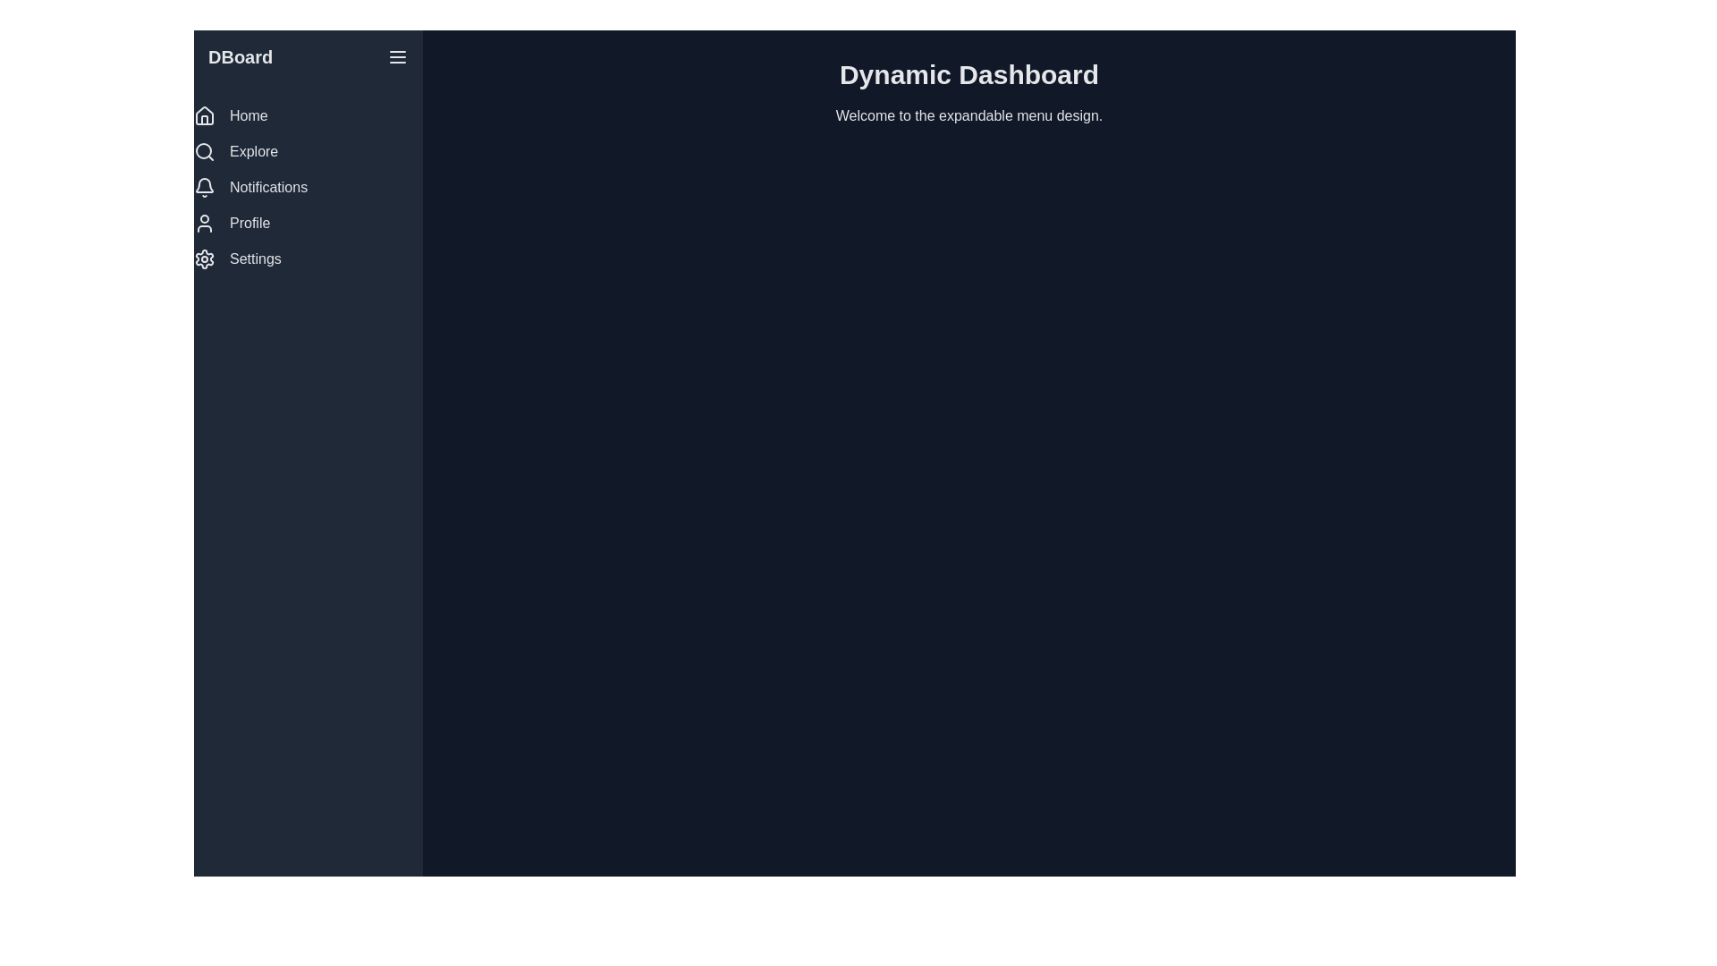 The height and width of the screenshot is (966, 1717). I want to click on the settings button icon located at the left side of the interface, next to the 'Settings' label in the sidebar menu, so click(205, 258).